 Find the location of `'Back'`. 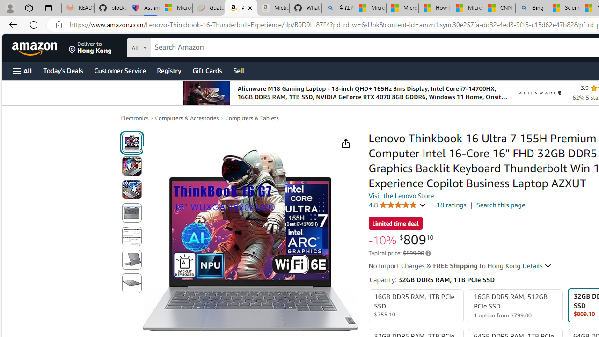

'Back' is located at coordinates (11, 24).